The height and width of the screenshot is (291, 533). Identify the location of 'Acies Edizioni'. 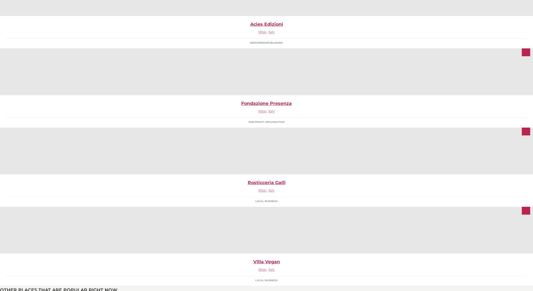
(266, 24).